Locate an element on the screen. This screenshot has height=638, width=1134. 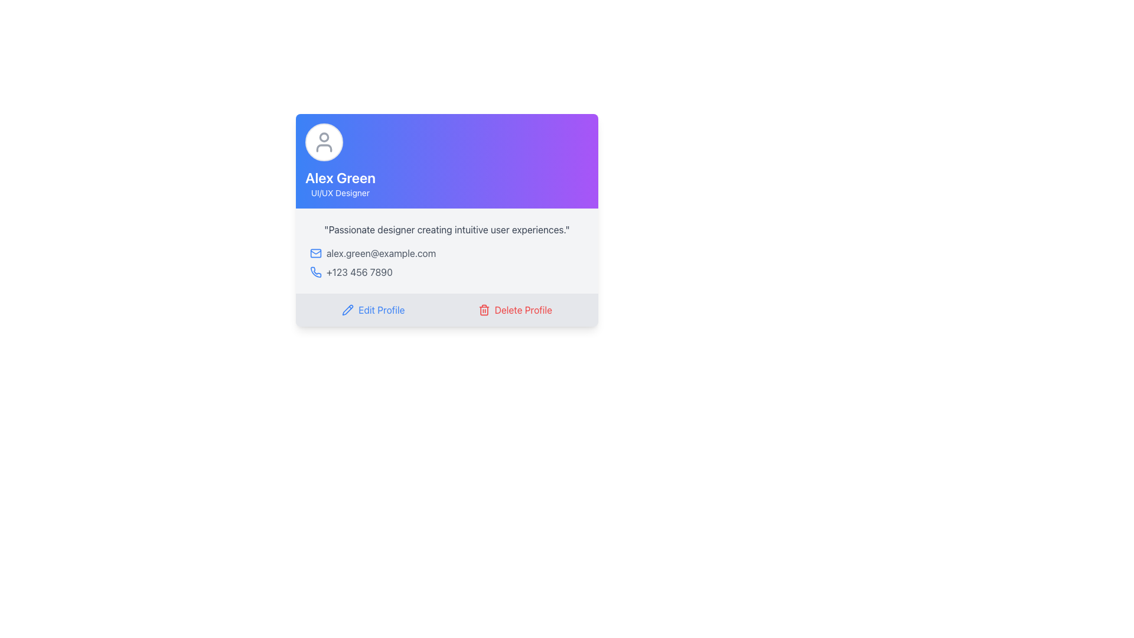
the pencil icon, which is part of an icon group next to the 'Edit Profile' button, featuring a minimalistic design with a sharpened tip is located at coordinates (347, 309).